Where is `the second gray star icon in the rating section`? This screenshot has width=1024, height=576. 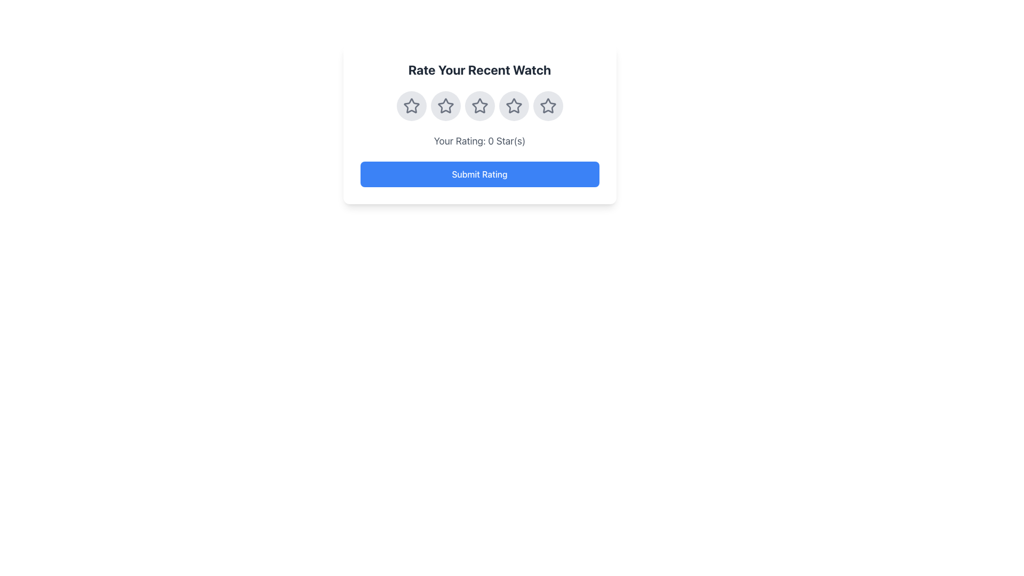
the second gray star icon in the rating section is located at coordinates (445, 106).